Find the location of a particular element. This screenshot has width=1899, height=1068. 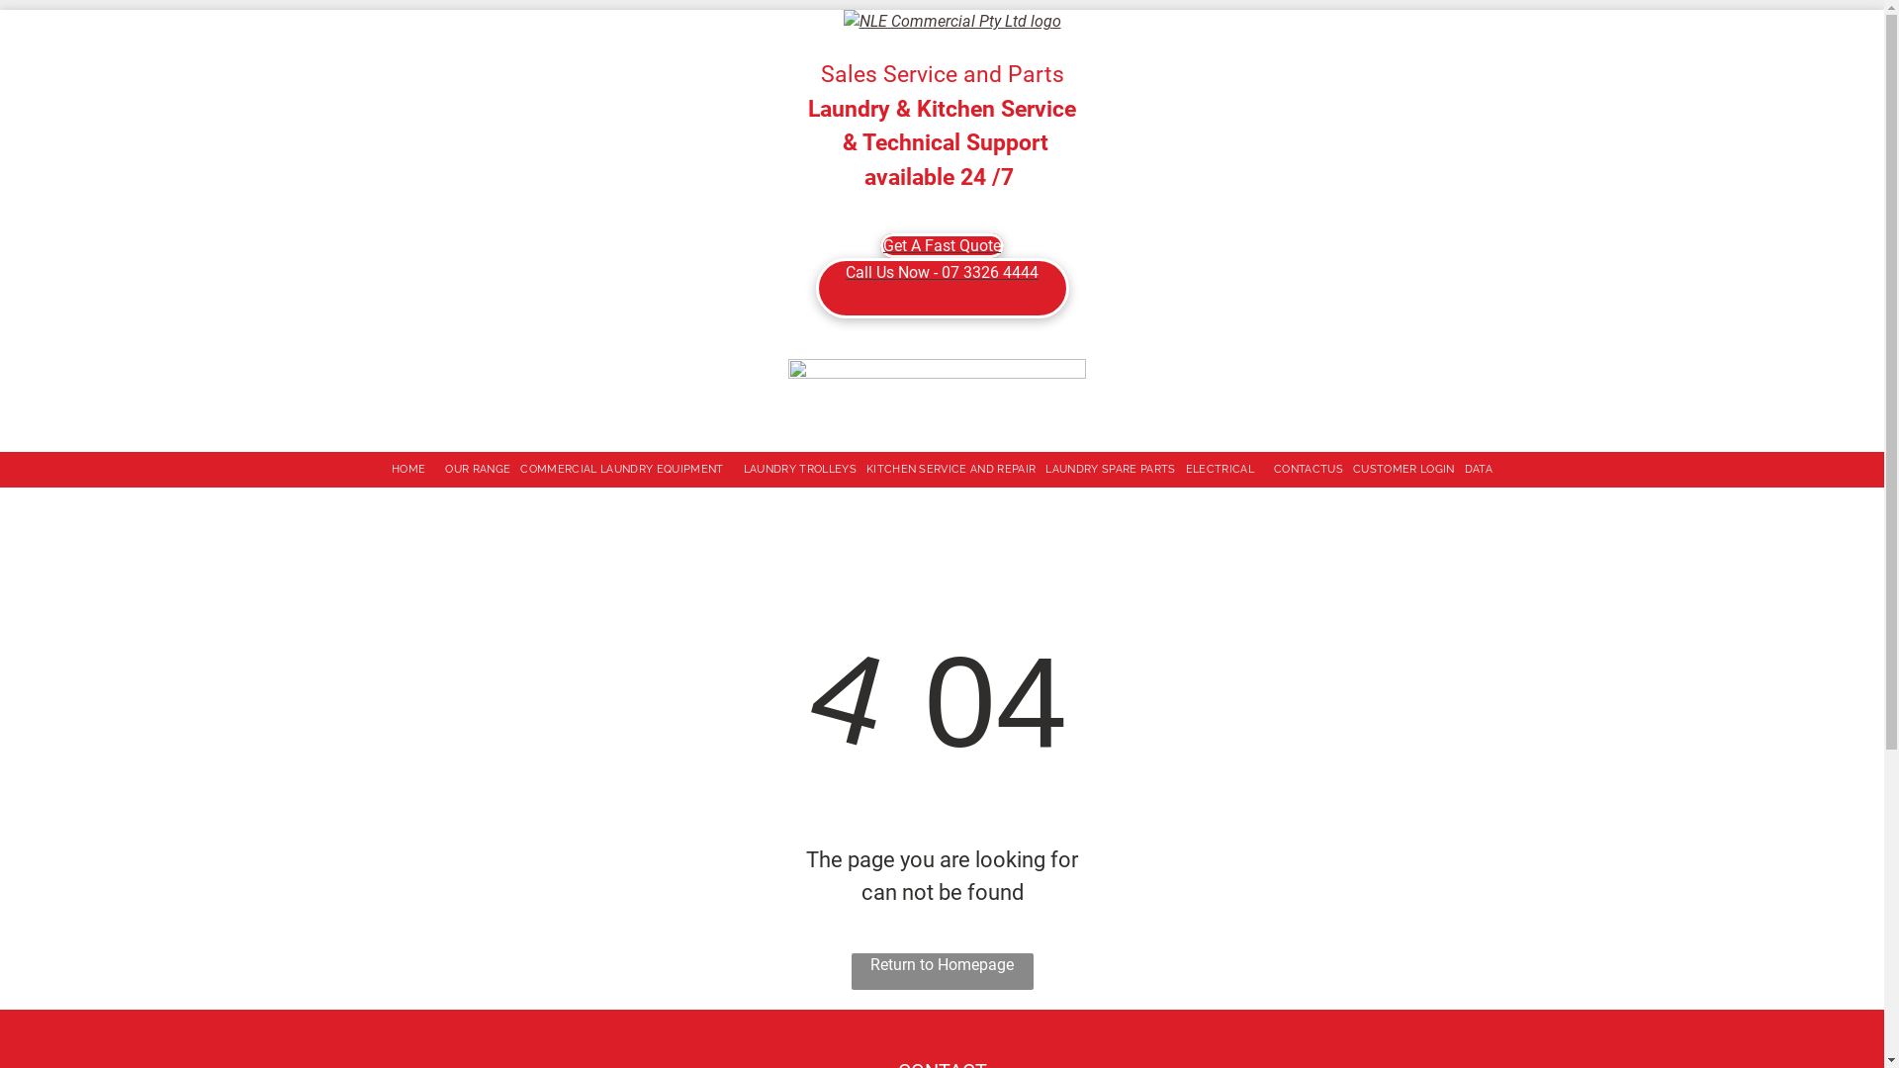

'DATA' is located at coordinates (1478, 470).